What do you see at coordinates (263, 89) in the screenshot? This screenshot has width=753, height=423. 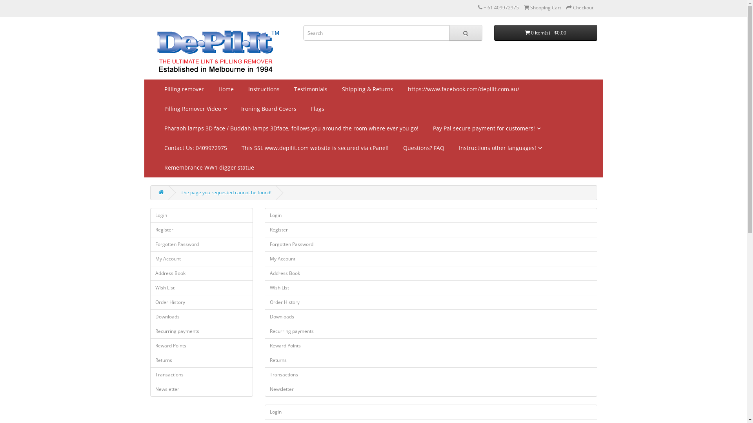 I see `'Instructions'` at bounding box center [263, 89].